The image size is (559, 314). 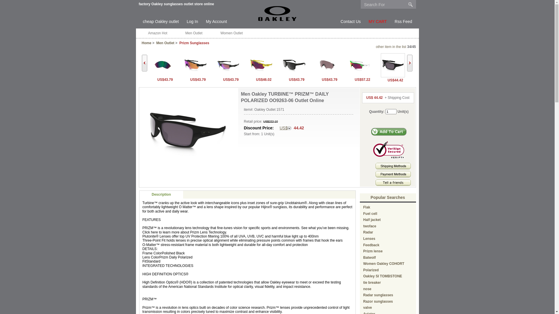 What do you see at coordinates (378, 295) in the screenshot?
I see `'Radar sunglasses'` at bounding box center [378, 295].